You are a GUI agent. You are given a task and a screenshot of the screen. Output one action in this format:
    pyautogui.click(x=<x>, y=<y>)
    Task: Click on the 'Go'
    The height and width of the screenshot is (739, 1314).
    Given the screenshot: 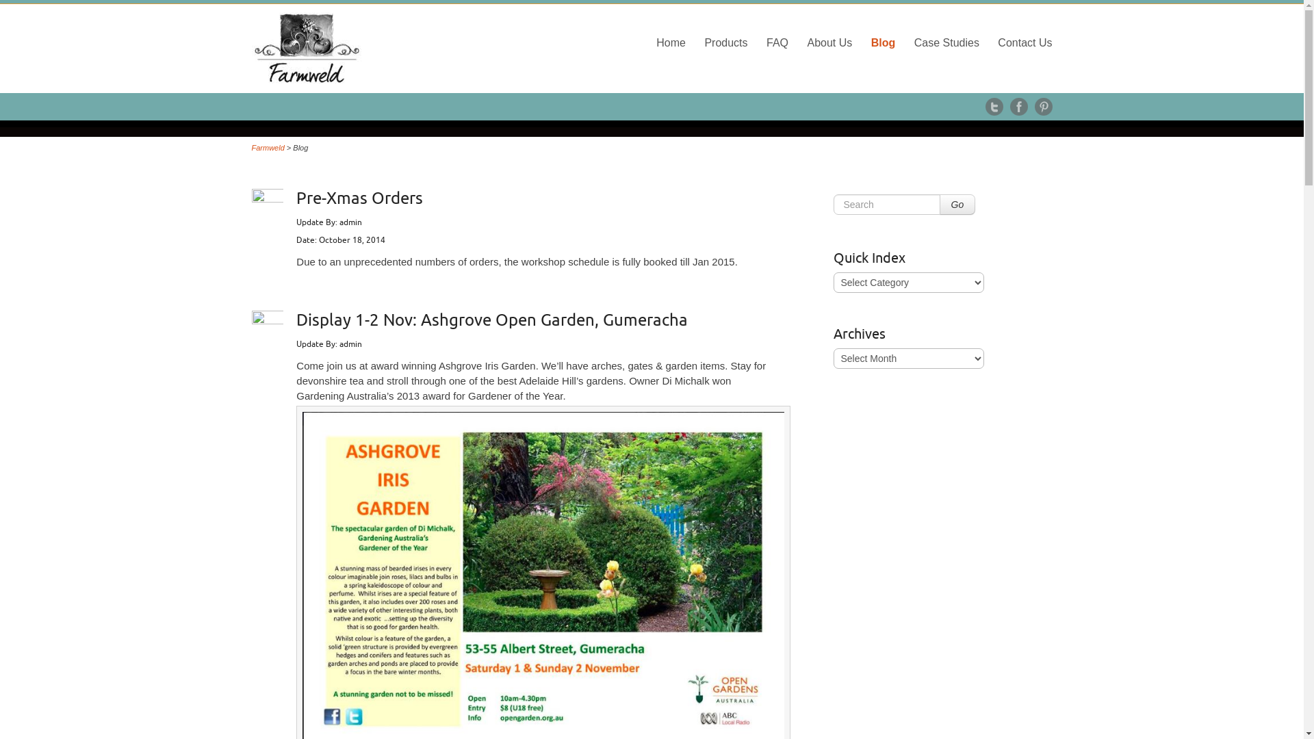 What is the action you would take?
    pyautogui.click(x=956, y=205)
    